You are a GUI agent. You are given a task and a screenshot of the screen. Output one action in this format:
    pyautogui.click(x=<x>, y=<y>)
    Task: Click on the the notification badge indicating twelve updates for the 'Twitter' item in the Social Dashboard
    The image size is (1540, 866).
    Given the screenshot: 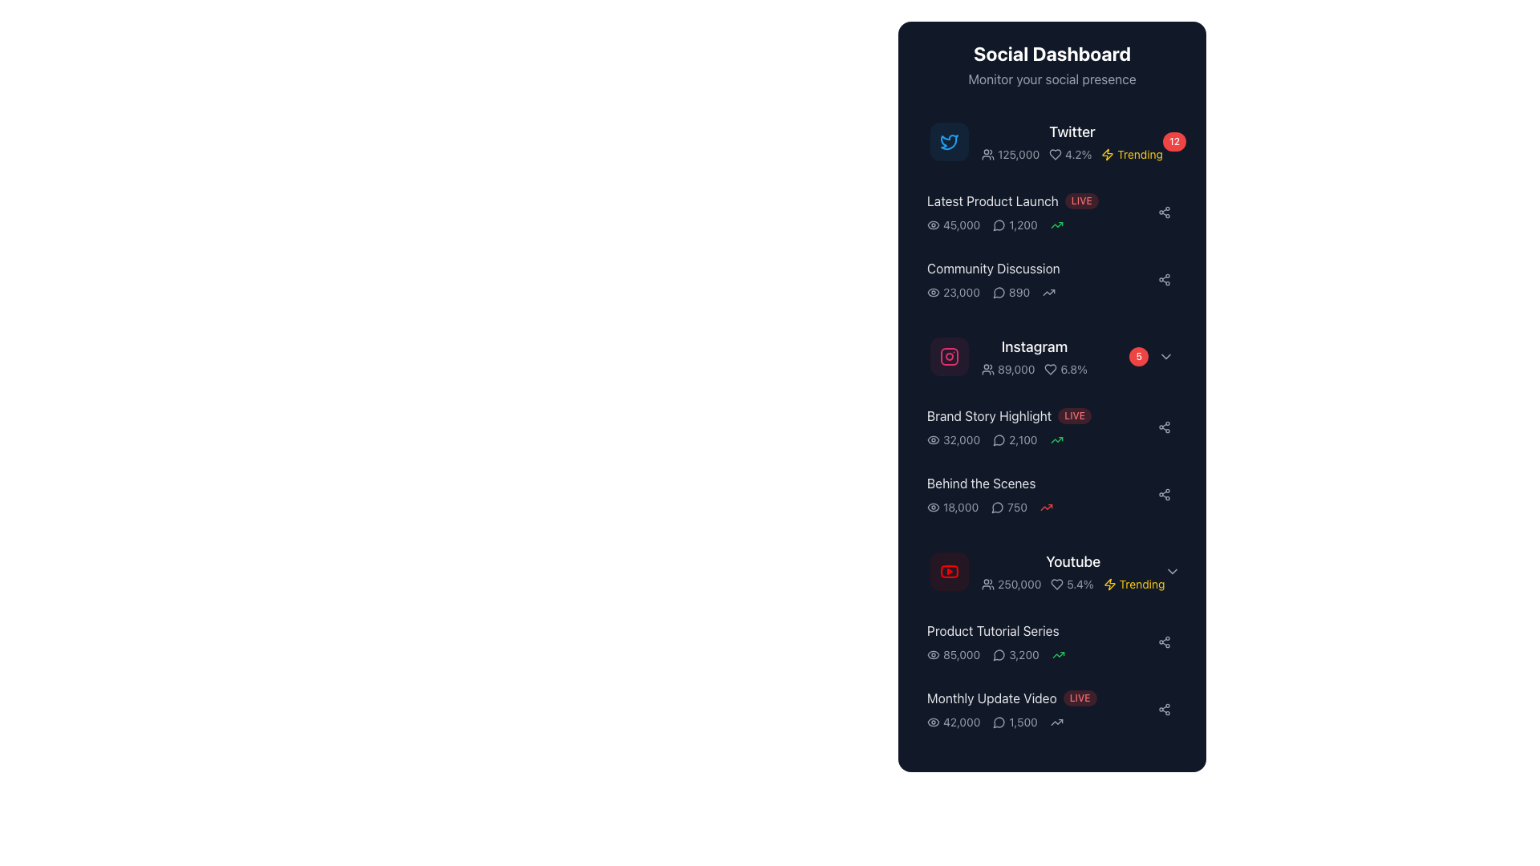 What is the action you would take?
    pyautogui.click(x=1174, y=141)
    